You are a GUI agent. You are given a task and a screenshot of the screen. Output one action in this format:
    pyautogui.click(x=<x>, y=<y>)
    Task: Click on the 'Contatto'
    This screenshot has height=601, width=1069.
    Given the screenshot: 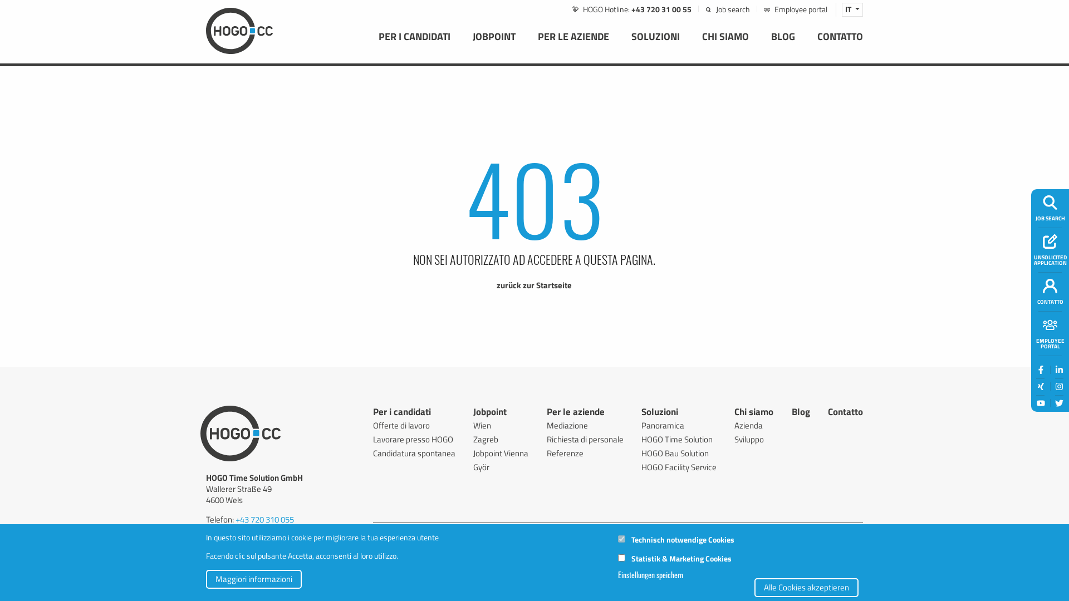 What is the action you would take?
    pyautogui.click(x=845, y=413)
    